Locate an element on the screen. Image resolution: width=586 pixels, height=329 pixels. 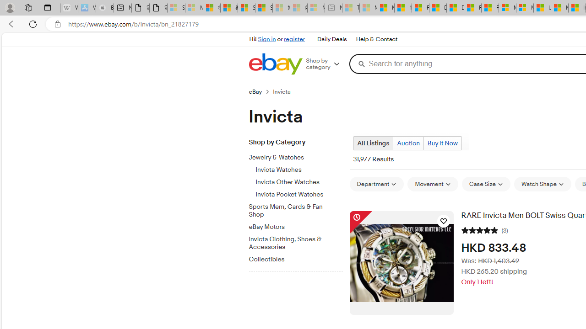
'Auction' is located at coordinates (408, 143).